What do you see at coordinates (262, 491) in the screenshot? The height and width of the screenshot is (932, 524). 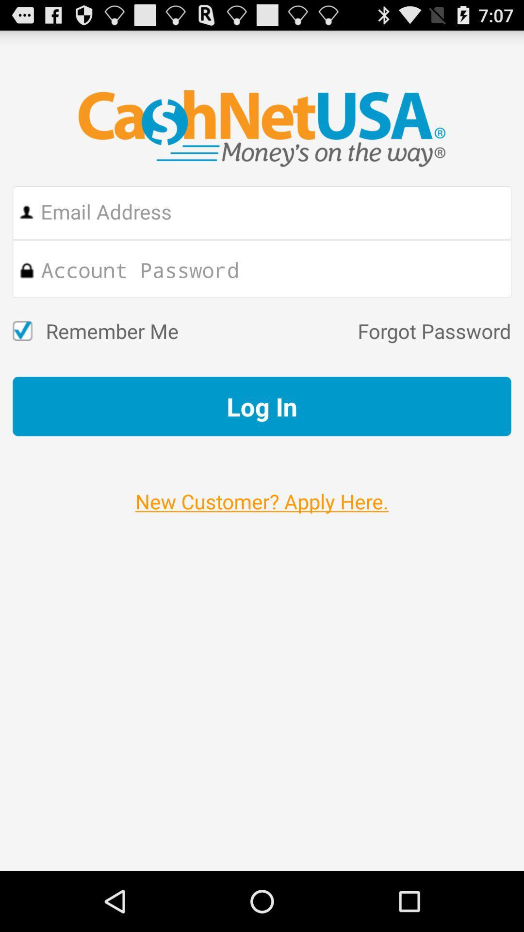 I see `the icon below log in button` at bounding box center [262, 491].